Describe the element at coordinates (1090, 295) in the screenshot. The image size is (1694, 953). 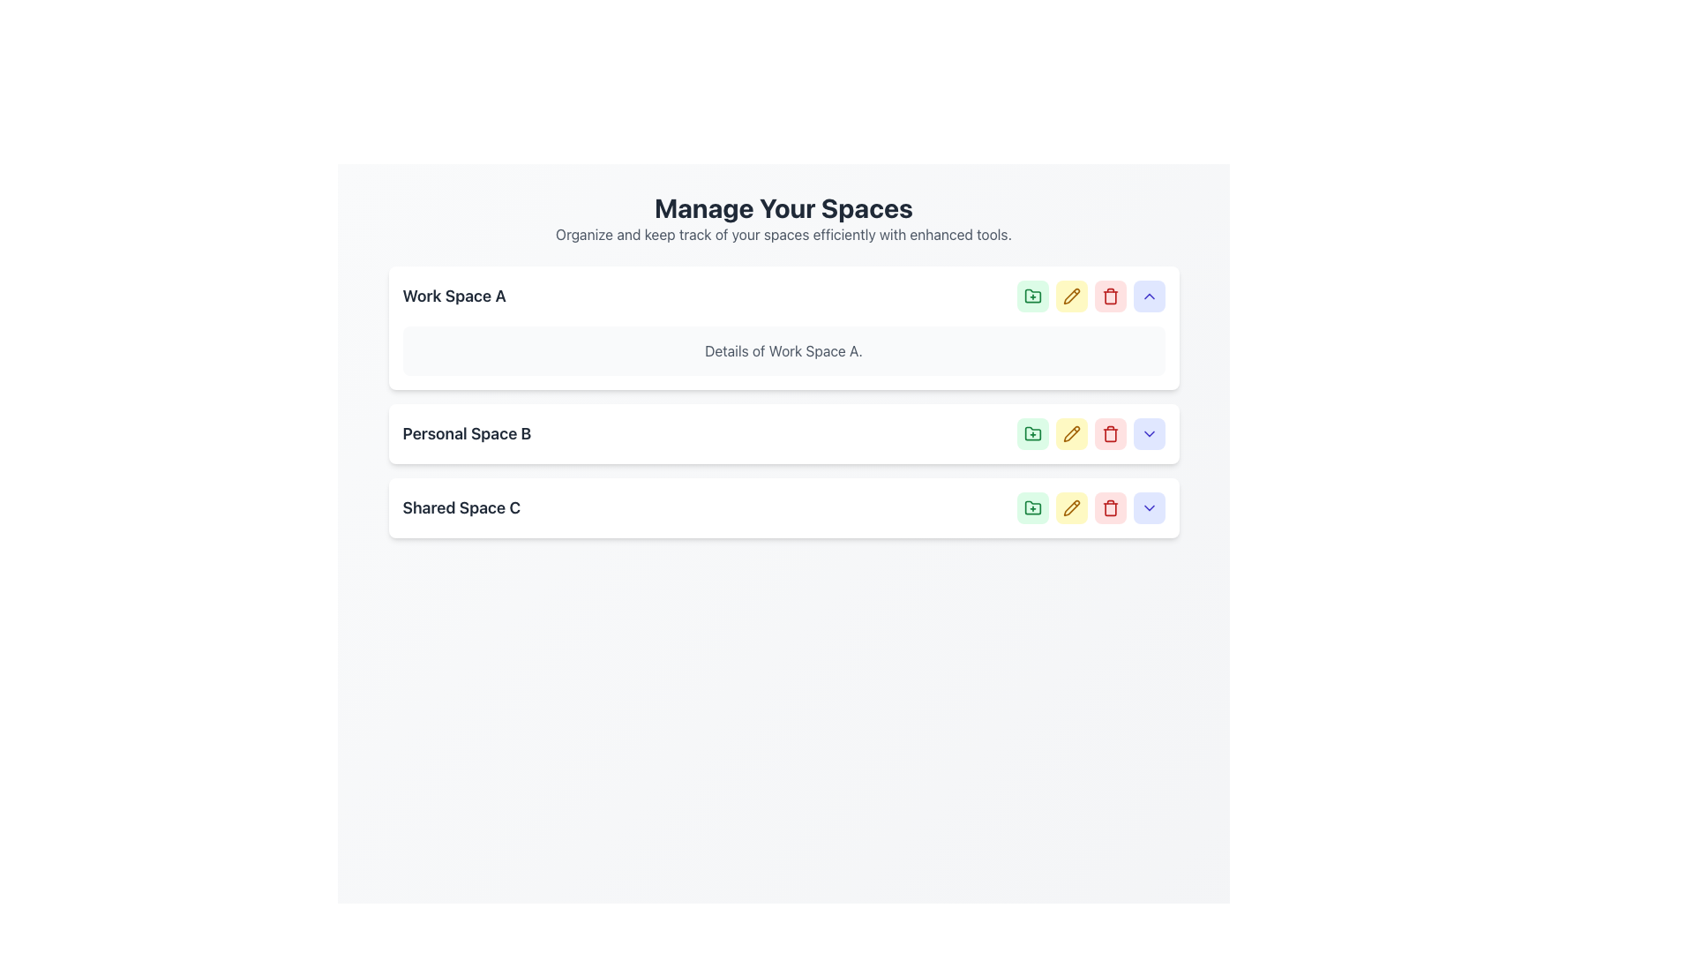
I see `any action button within the 'Manage Your Spaces' section related to 'Work Space A'` at that location.